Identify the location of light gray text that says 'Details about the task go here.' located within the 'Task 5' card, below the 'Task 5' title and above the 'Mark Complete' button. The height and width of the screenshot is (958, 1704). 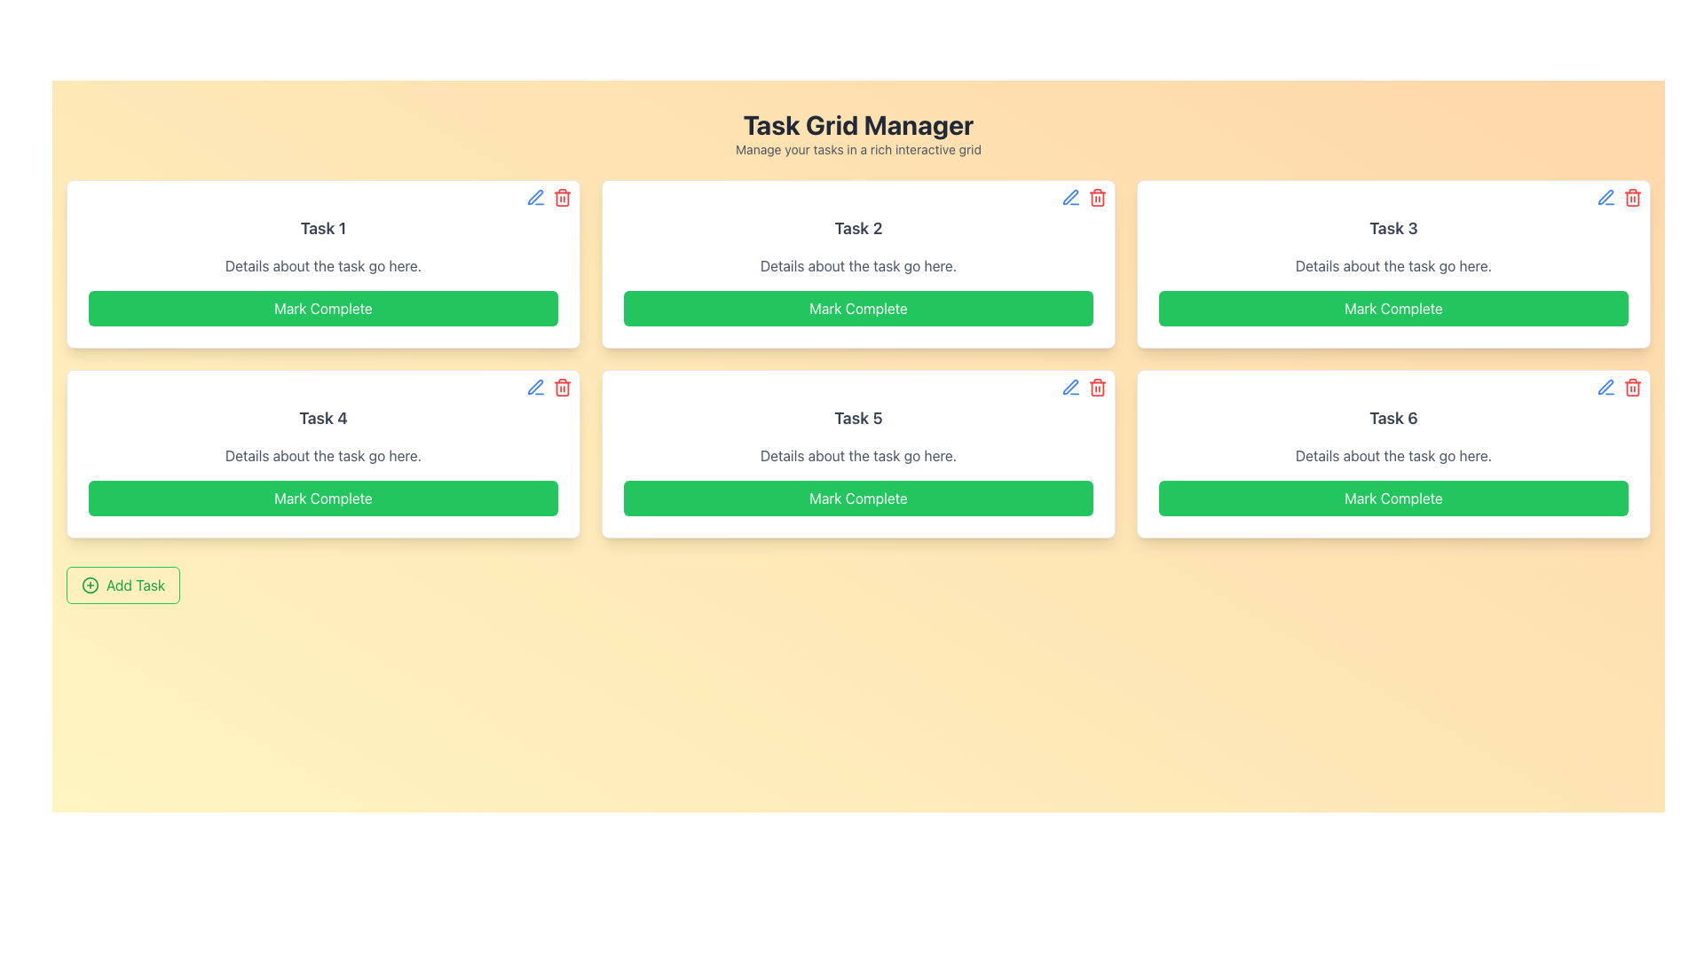
(858, 454).